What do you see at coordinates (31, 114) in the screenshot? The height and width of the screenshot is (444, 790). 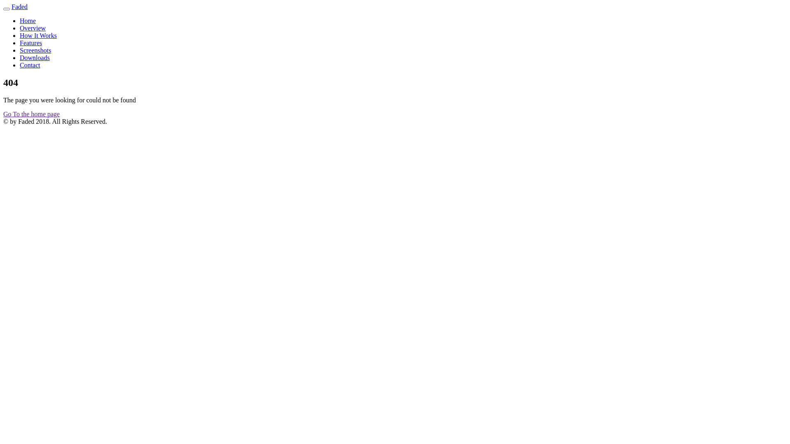 I see `'Go To the home page'` at bounding box center [31, 114].